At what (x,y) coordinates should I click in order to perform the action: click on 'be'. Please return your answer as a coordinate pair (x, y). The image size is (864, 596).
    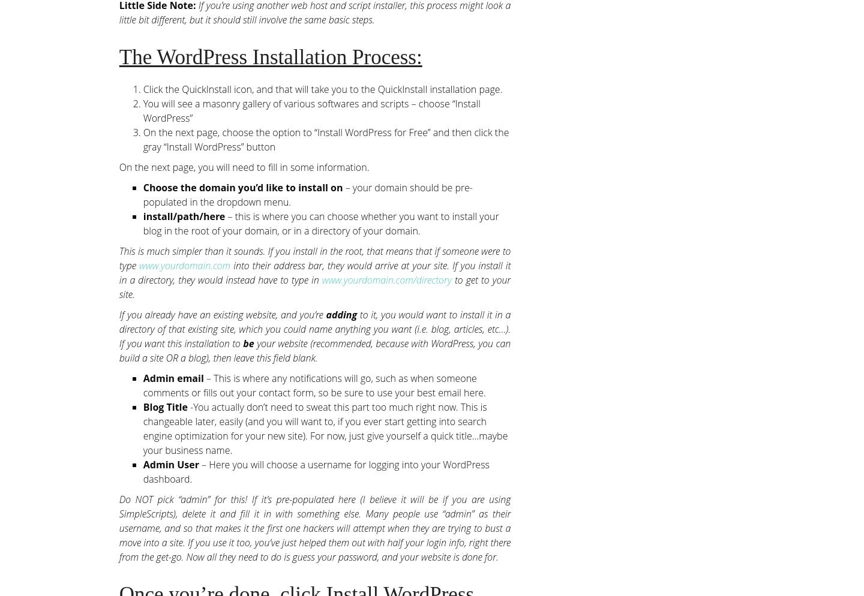
    Looking at the image, I should click on (247, 343).